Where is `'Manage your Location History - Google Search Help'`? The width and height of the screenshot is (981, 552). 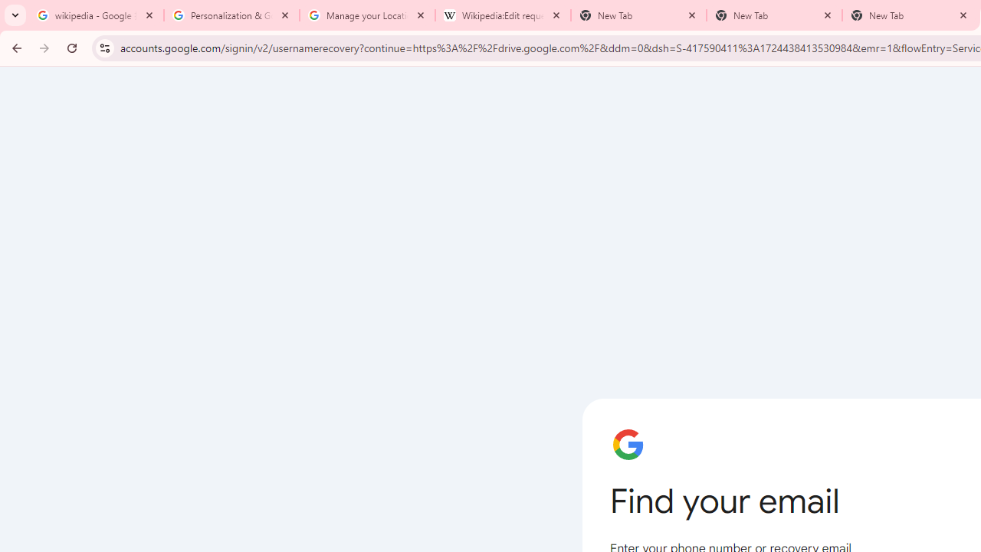
'Manage your Location History - Google Search Help' is located at coordinates (366, 15).